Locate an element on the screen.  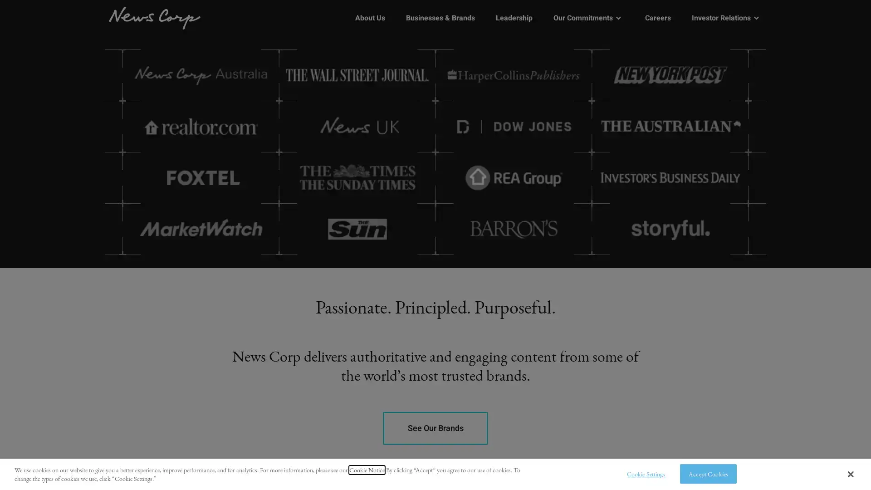
Accept Cookies is located at coordinates (708, 473).